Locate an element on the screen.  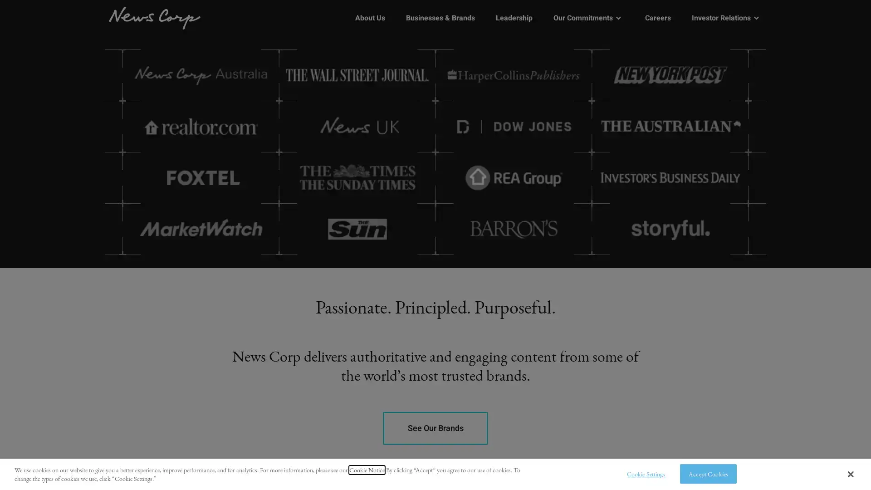
Accept Cookies is located at coordinates (708, 473).